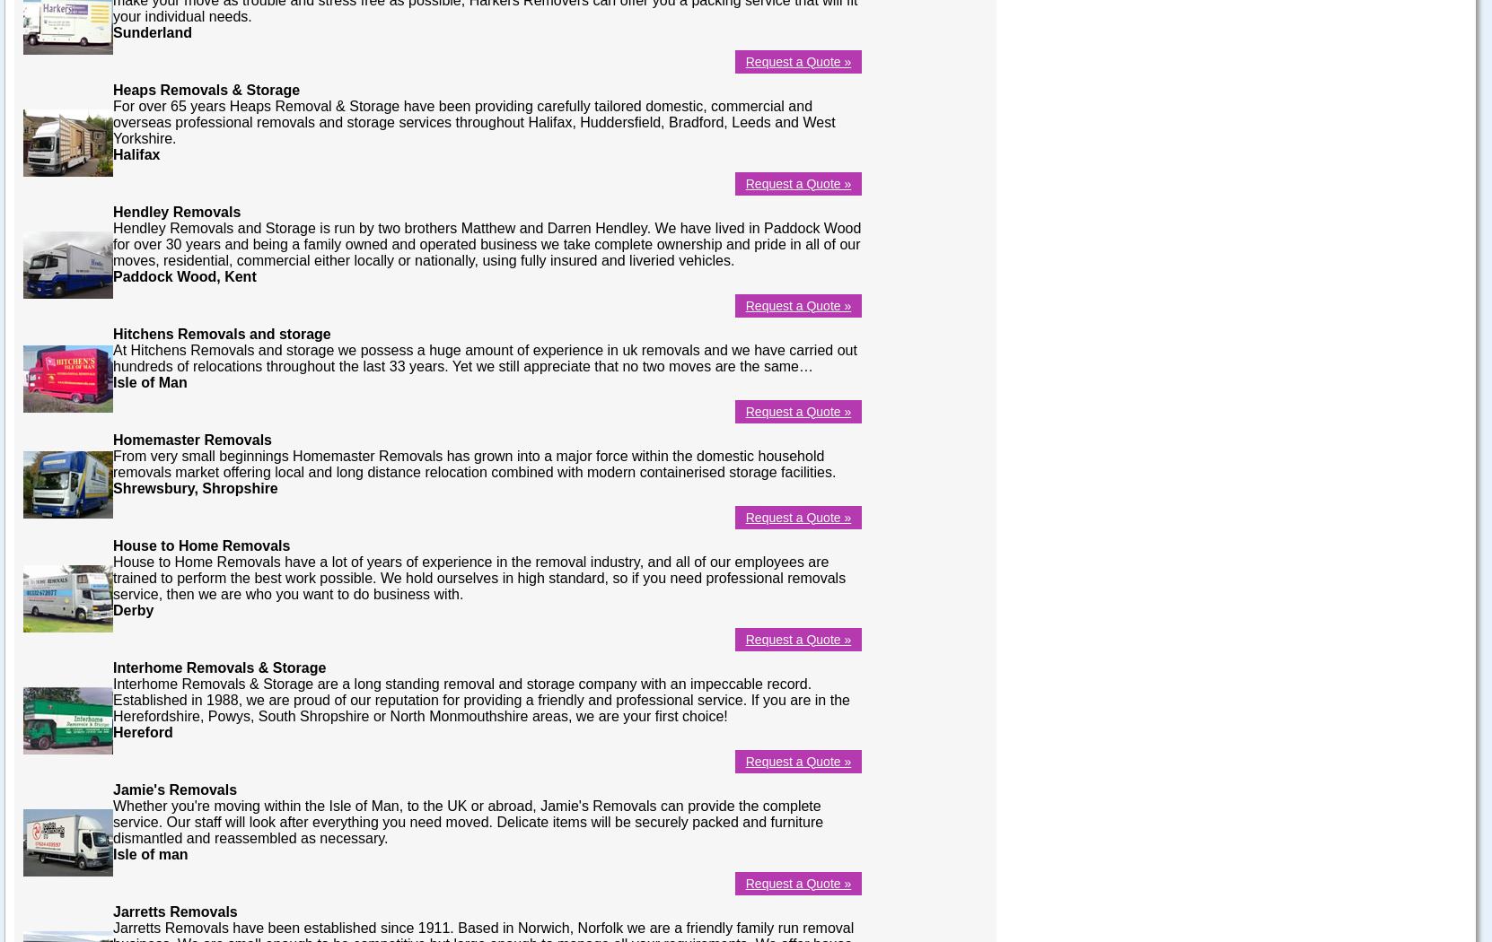  I want to click on 'Paddock Wood, Kent', so click(183, 275).